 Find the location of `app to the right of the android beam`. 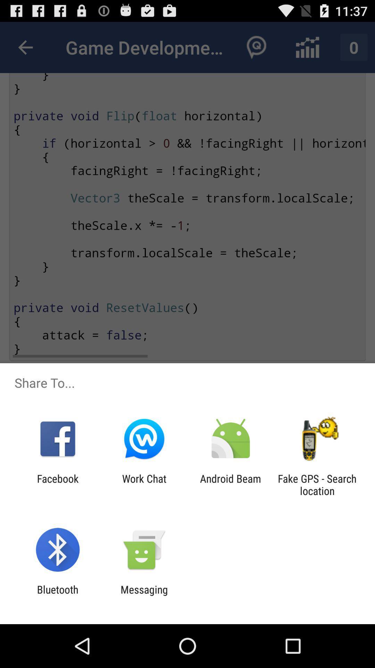

app to the right of the android beam is located at coordinates (317, 484).